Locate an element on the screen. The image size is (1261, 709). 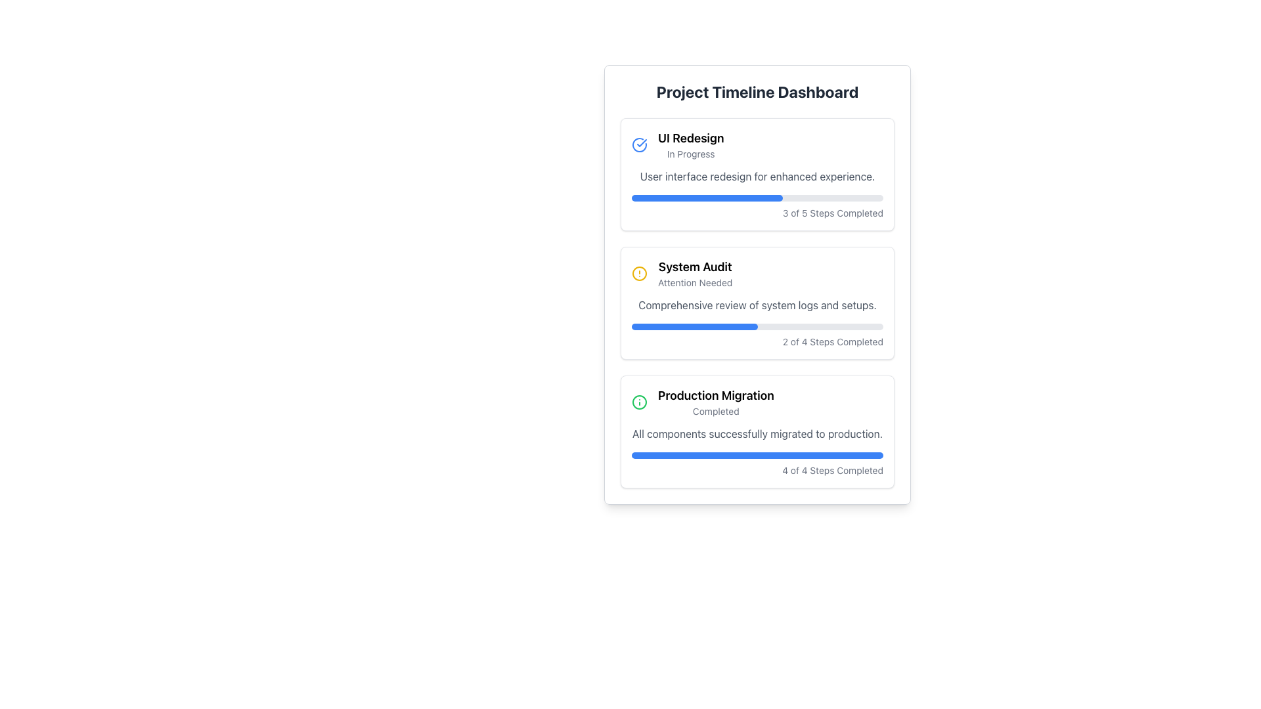
the informational icon related to the 'Production Migration' task in the 'Completed' status section, positioned to the far left of the textual block is located at coordinates (640, 402).